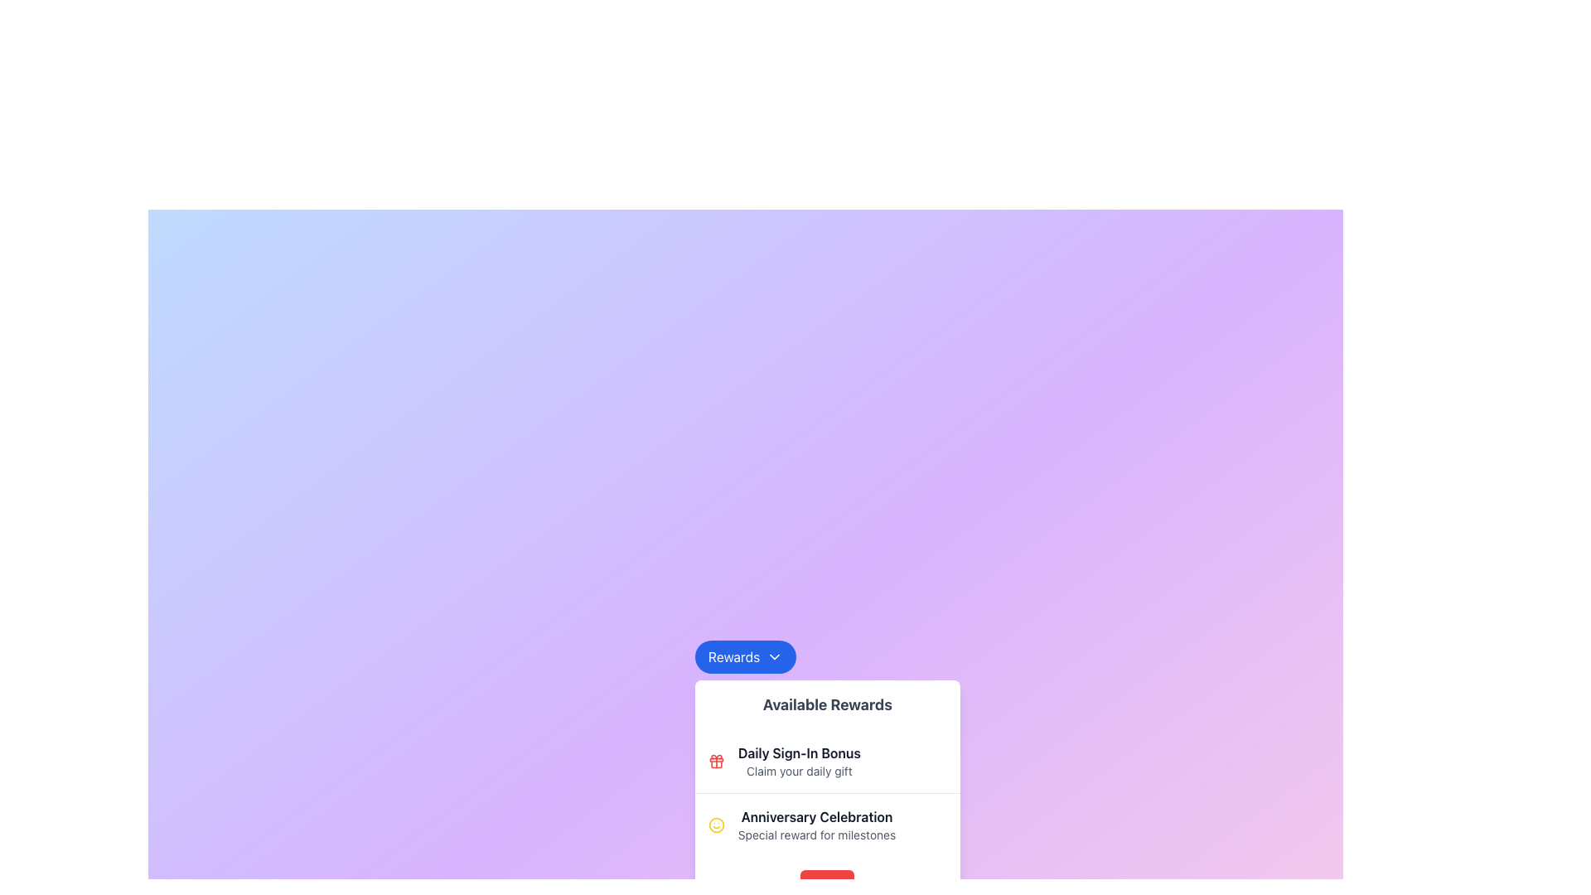 This screenshot has width=1591, height=895. What do you see at coordinates (827, 705) in the screenshot?
I see `the text label that serves as the header for the card indicating 'Available Rewards', which is located at the top center of the card below the 'Rewards' button` at bounding box center [827, 705].